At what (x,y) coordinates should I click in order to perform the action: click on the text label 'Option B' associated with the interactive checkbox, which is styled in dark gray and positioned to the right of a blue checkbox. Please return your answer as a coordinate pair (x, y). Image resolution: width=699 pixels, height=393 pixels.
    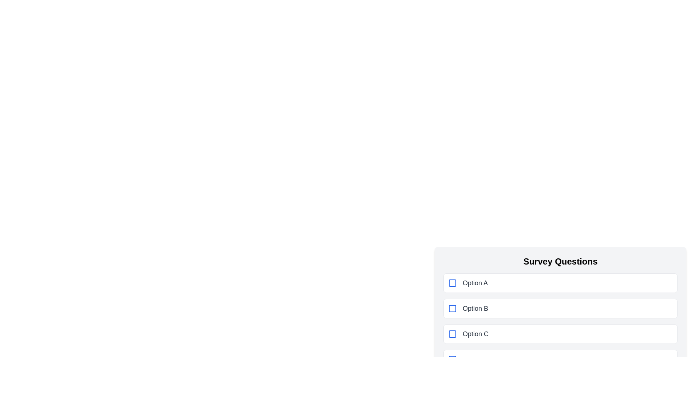
    Looking at the image, I should click on (475, 309).